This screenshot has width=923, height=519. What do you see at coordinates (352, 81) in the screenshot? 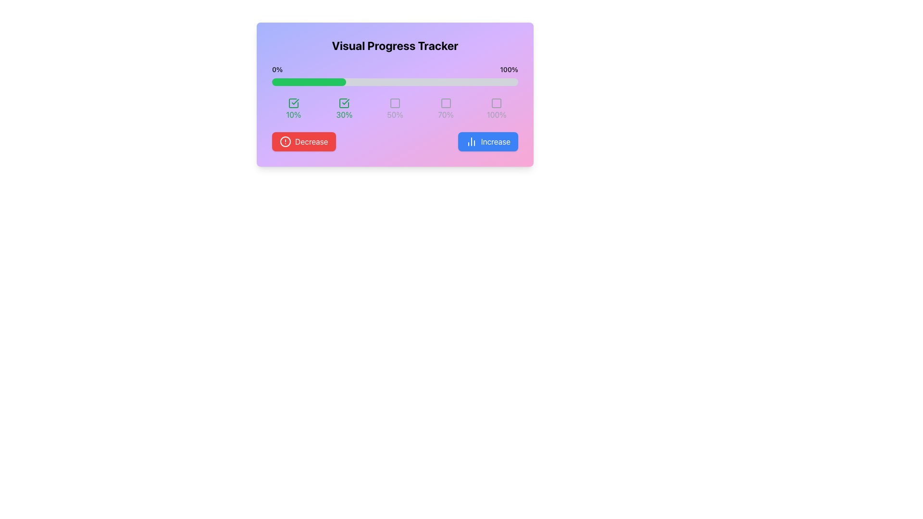
I see `the progress level` at bounding box center [352, 81].